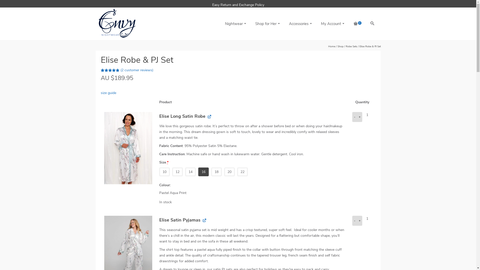 The image size is (480, 270). What do you see at coordinates (340, 46) in the screenshot?
I see `'Shop'` at bounding box center [340, 46].